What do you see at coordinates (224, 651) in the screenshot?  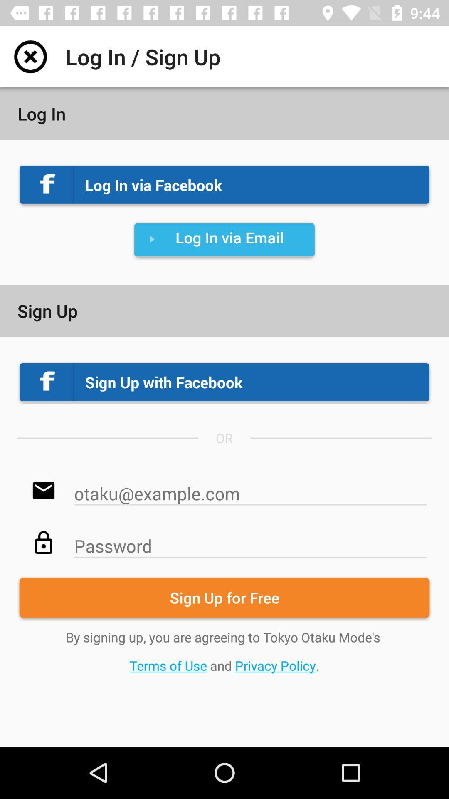 I see `the by signing up icon` at bounding box center [224, 651].